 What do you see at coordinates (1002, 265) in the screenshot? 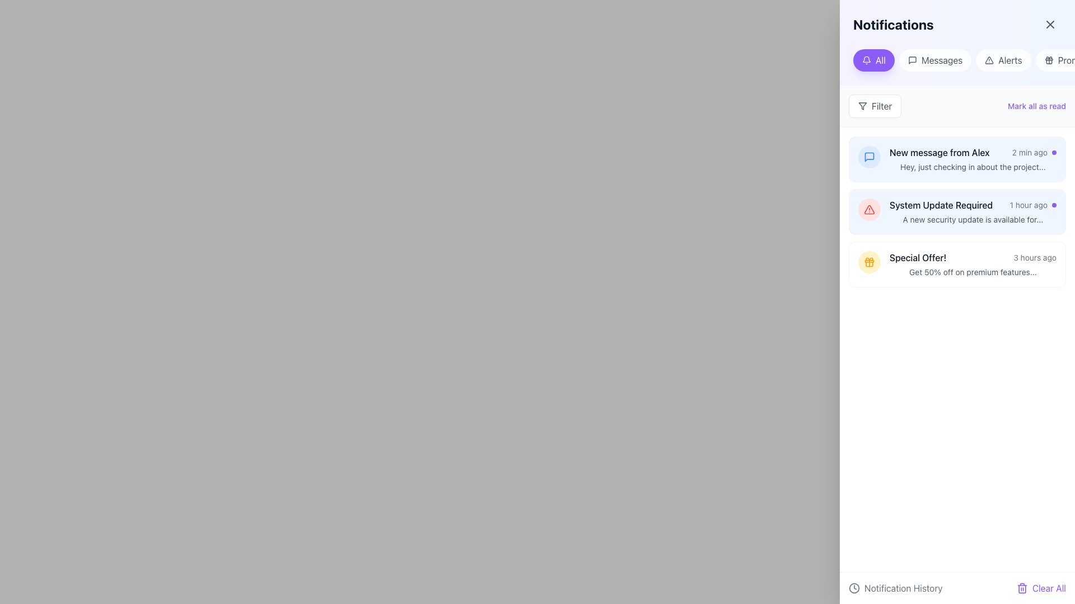
I see `the SVG icon associated with the 'Special Offer!' notification to archive it` at bounding box center [1002, 265].